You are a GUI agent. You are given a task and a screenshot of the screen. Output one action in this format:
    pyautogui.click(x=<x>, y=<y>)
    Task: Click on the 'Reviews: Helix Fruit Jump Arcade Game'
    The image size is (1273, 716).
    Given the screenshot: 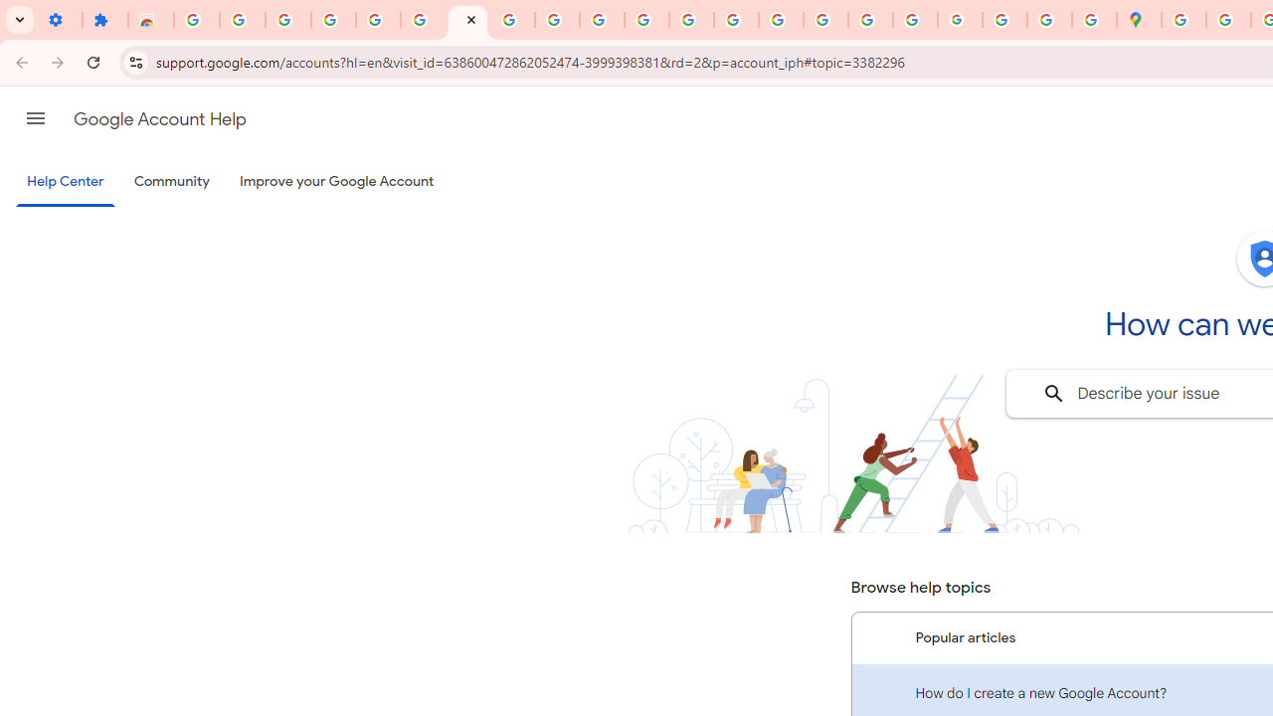 What is the action you would take?
    pyautogui.click(x=150, y=20)
    